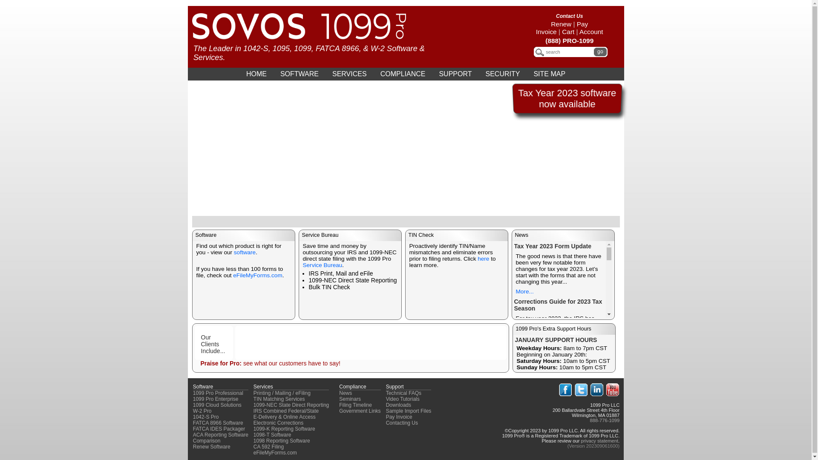 This screenshot has height=460, width=818. I want to click on 'COMPLIANCE', so click(402, 73).